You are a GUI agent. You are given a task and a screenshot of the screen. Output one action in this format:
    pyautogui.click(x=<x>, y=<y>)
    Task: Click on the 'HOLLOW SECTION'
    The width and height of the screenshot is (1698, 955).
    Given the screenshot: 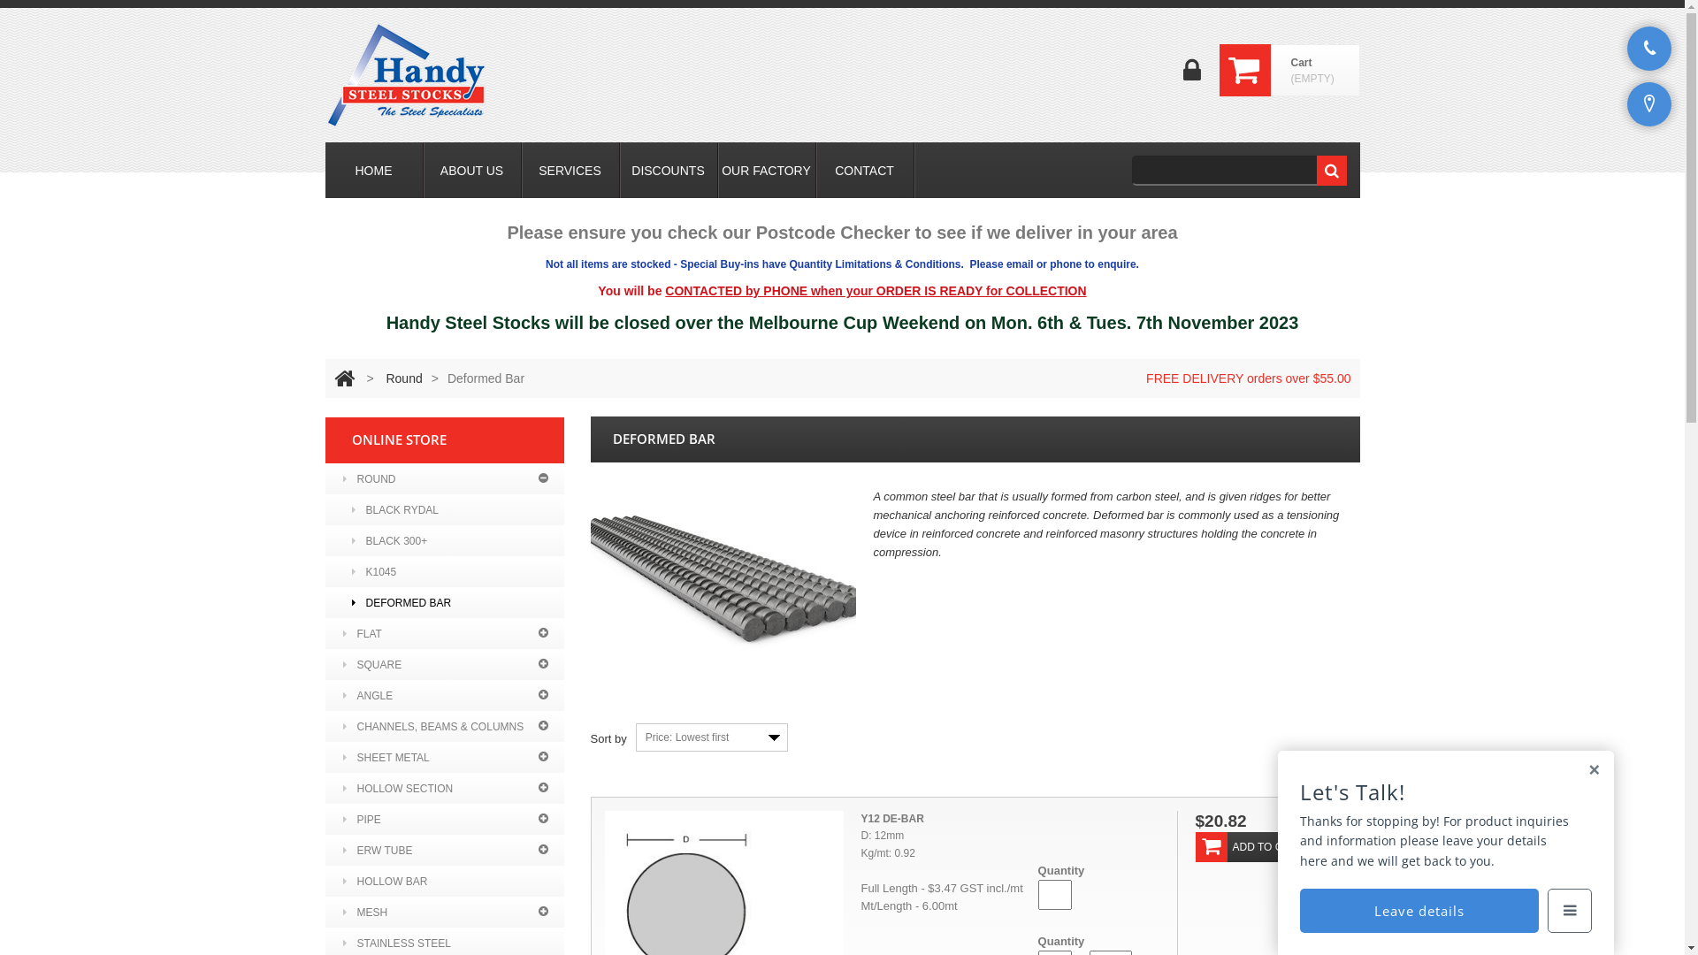 What is the action you would take?
    pyautogui.click(x=445, y=787)
    